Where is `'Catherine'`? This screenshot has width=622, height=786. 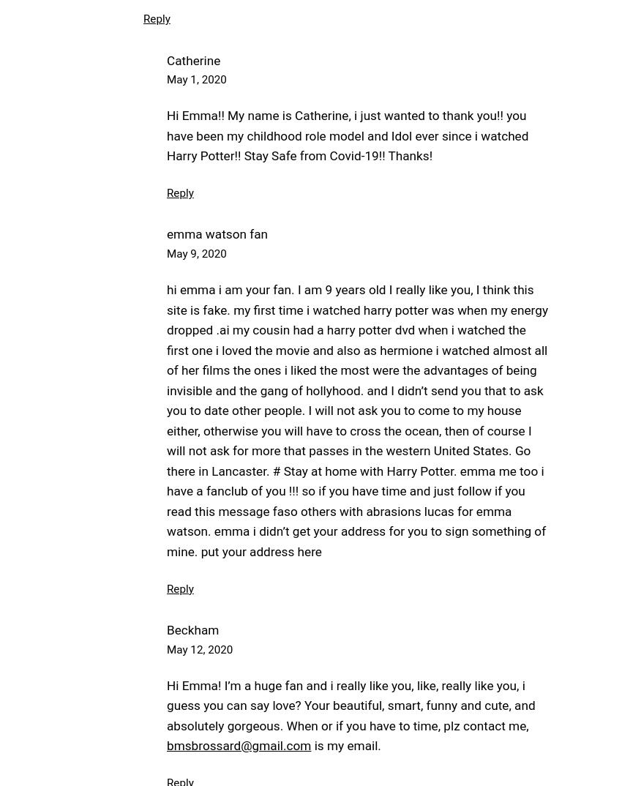
'Catherine' is located at coordinates (192, 60).